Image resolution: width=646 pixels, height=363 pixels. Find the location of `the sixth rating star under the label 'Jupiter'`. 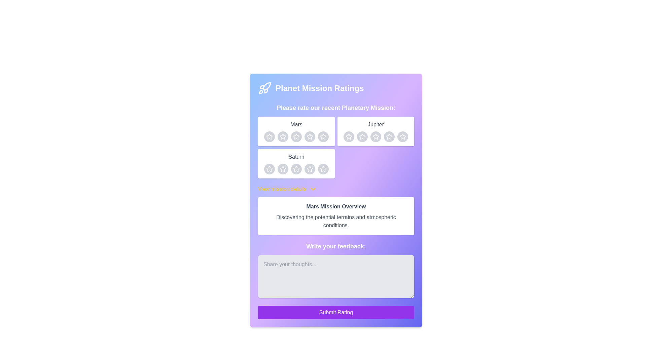

the sixth rating star under the label 'Jupiter' is located at coordinates (402, 136).